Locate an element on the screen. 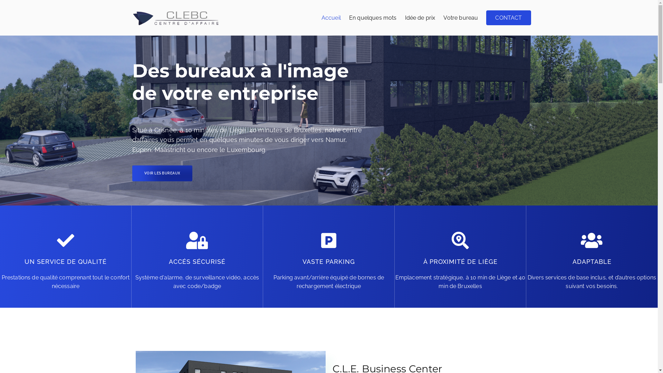 This screenshot has width=663, height=373. 'CONTACT' is located at coordinates (508, 17).